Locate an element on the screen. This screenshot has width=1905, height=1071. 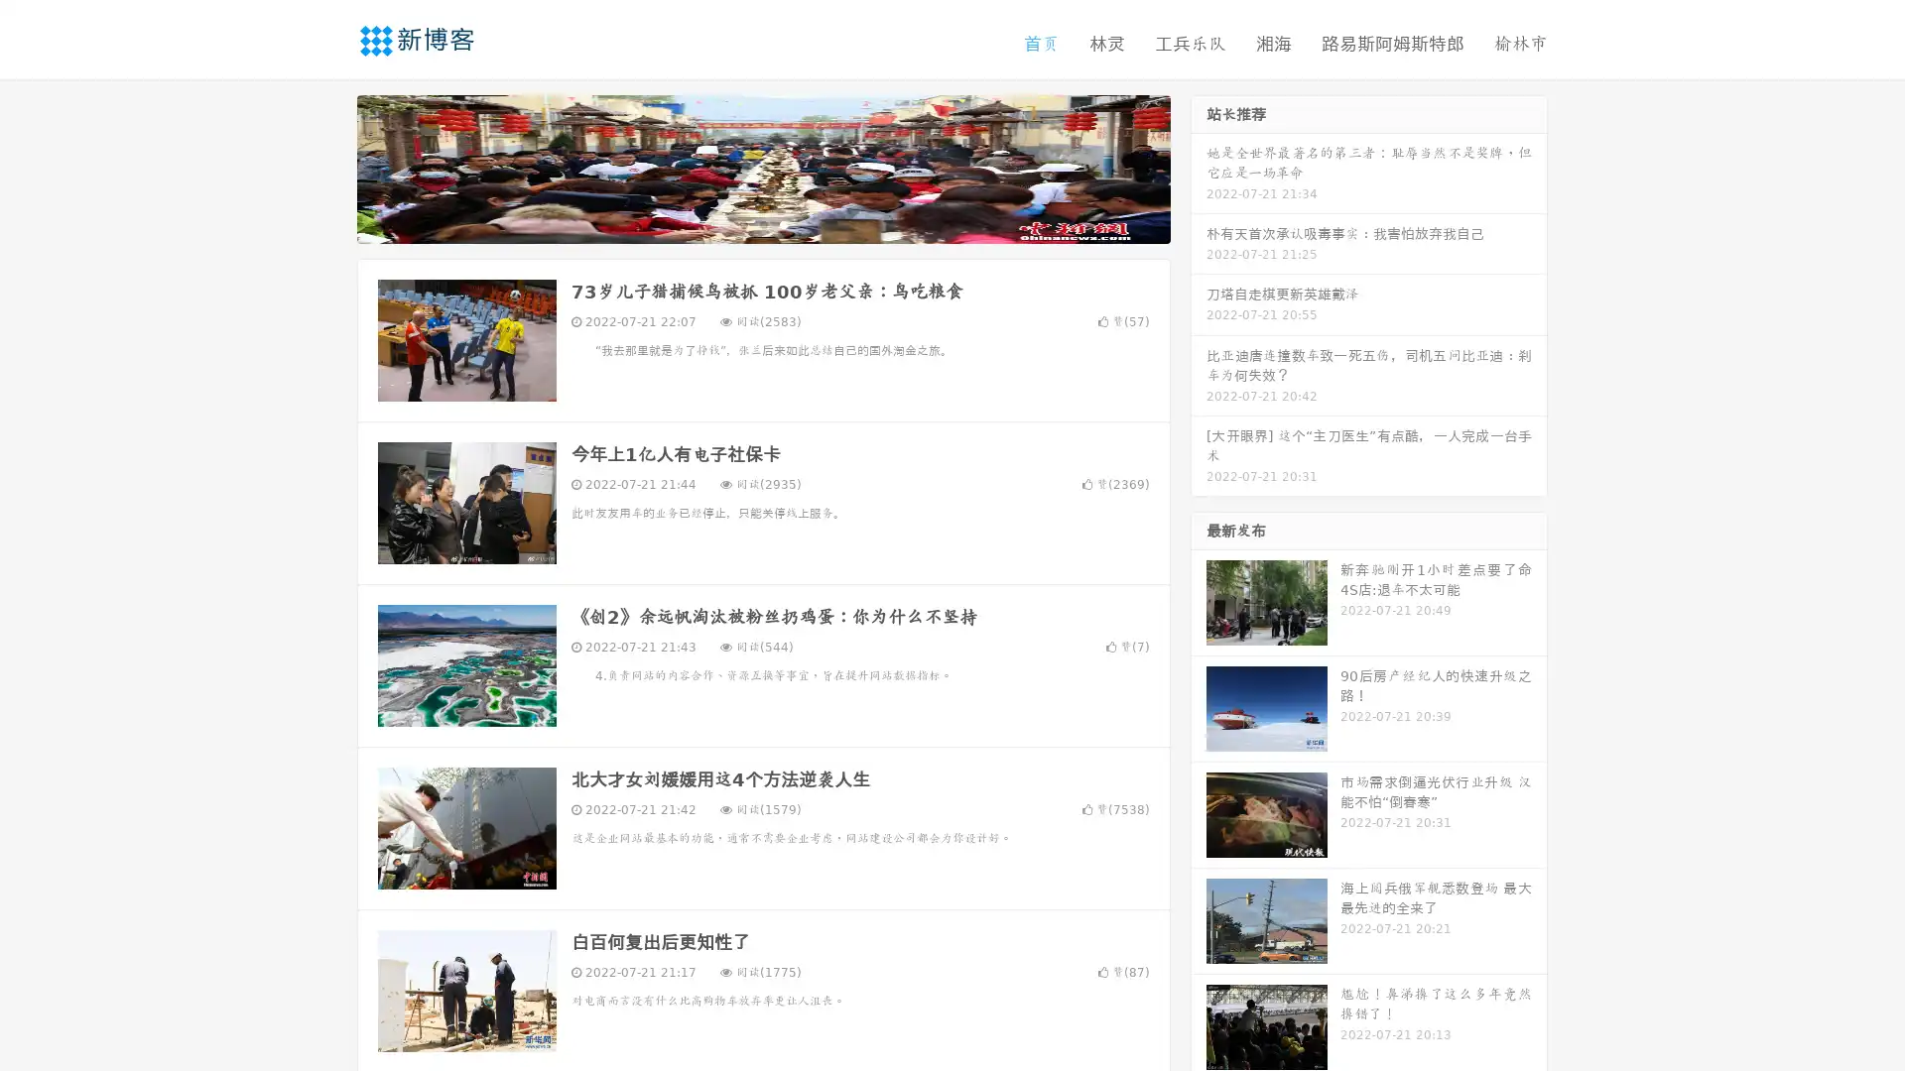
Next slide is located at coordinates (1199, 167).